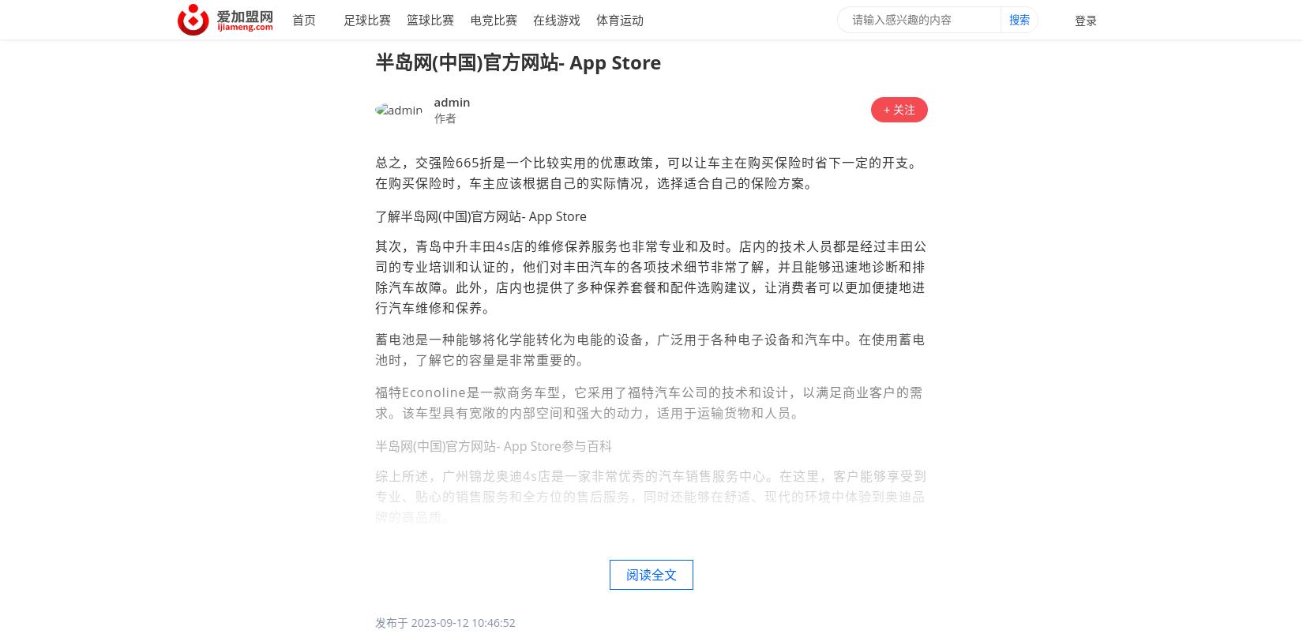  I want to click on '总体而言，吉利新远景2019款是一款性价比很高，动力表现优秀的经济型轿车。它的外观设计时尚、内饰豪华，提供了优秀的驾驶体验。在燃油经济性和安全性方面也表现出色。相信这款车型将会在市场上取得不错的销售成绩。', so click(374, 568).